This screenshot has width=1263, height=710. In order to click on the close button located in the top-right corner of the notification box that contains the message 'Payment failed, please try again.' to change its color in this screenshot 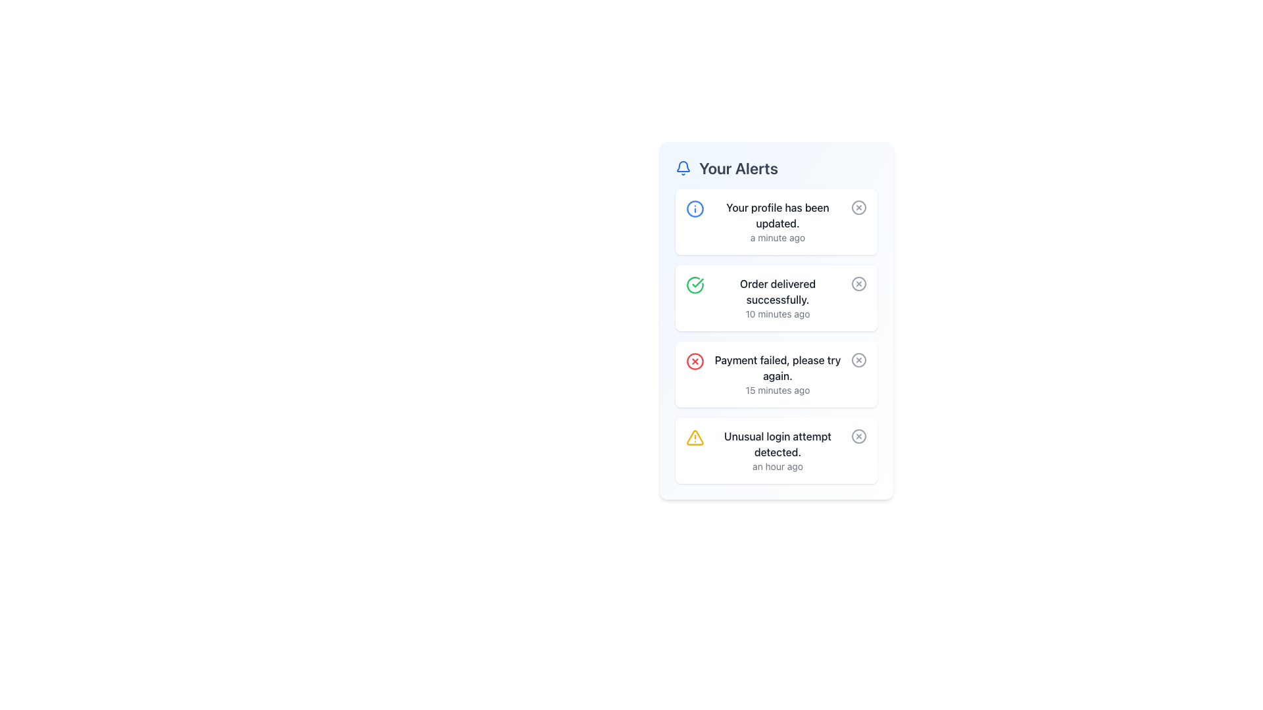, I will do `click(858, 360)`.